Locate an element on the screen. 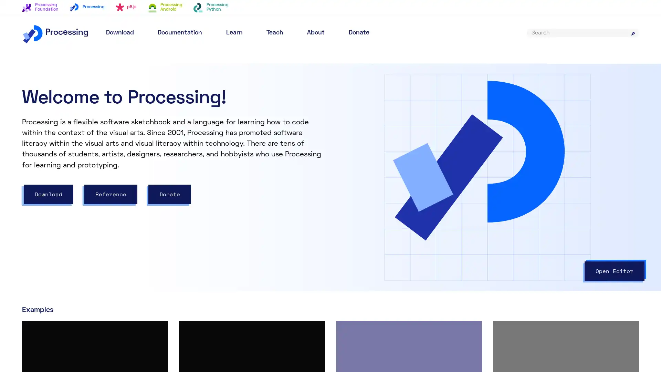 Image resolution: width=661 pixels, height=372 pixels. change position is located at coordinates (438, 189).